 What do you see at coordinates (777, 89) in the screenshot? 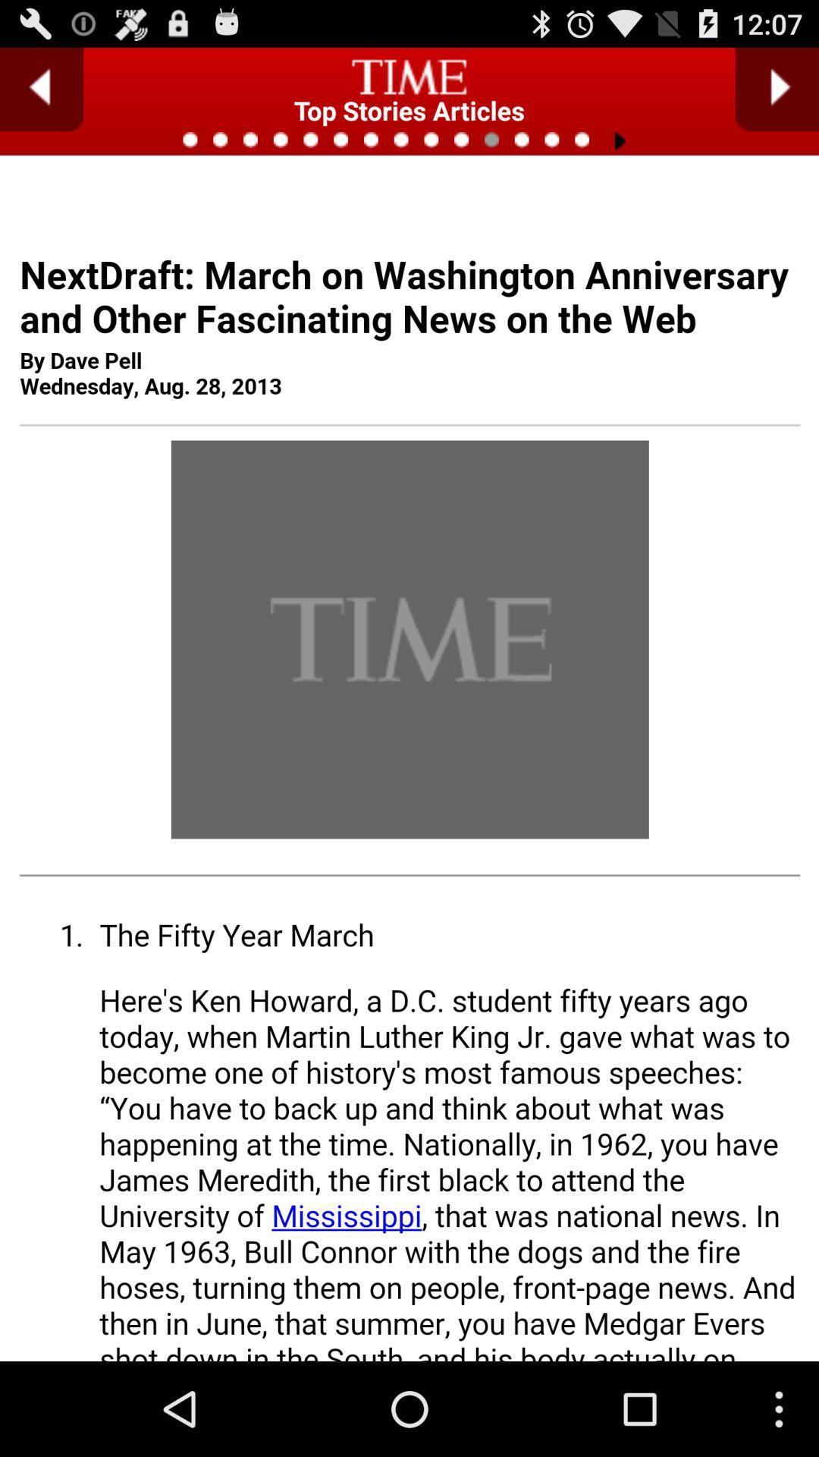
I see `go next` at bounding box center [777, 89].